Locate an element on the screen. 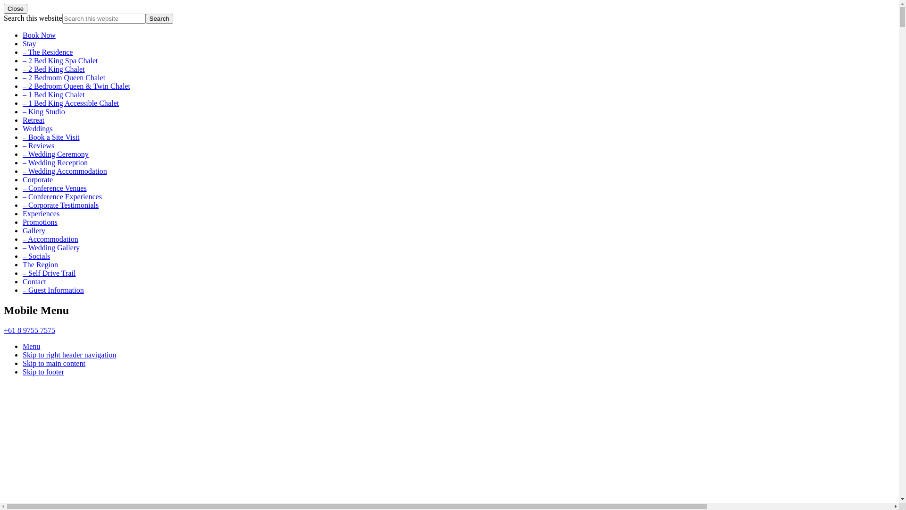 This screenshot has width=906, height=510. 'Book Now' is located at coordinates (23, 34).